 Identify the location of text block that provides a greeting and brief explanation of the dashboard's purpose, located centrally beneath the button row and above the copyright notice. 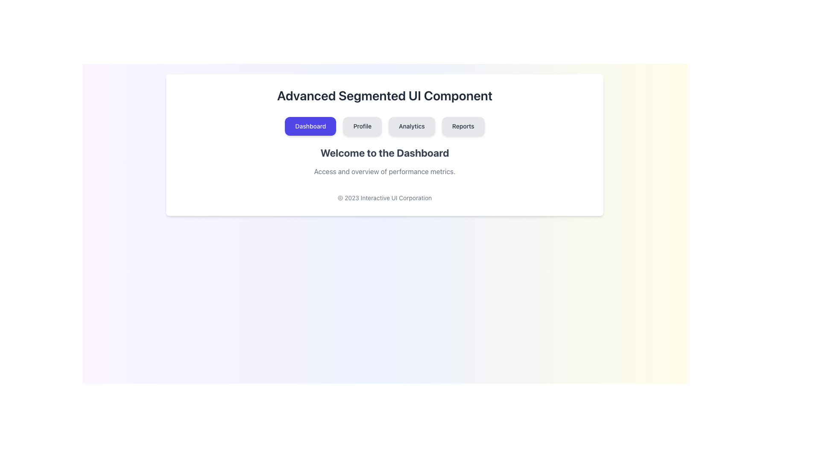
(384, 161).